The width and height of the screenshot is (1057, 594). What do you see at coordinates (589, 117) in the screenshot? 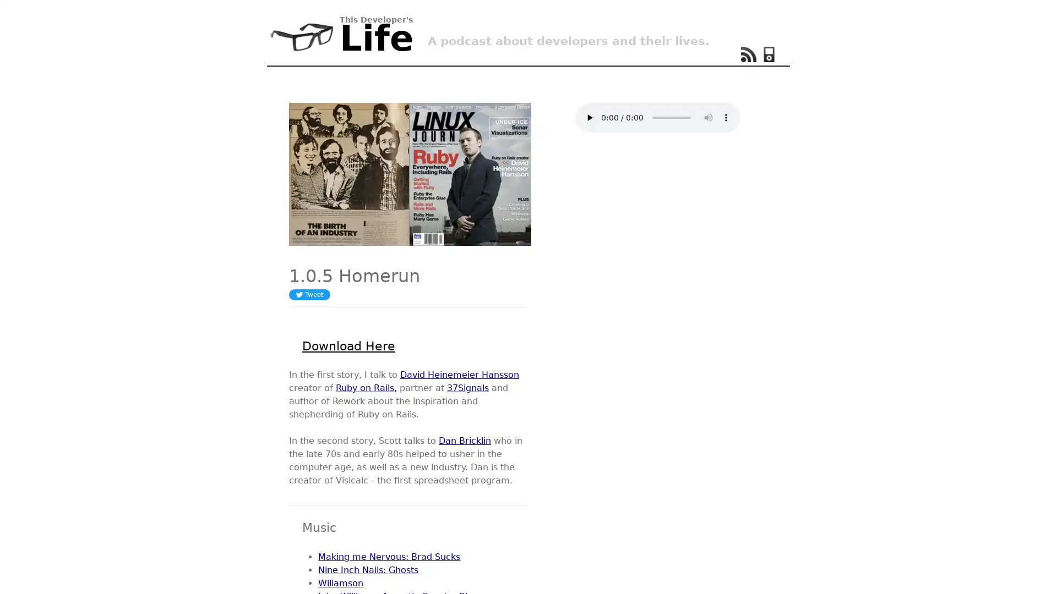
I see `play` at bounding box center [589, 117].